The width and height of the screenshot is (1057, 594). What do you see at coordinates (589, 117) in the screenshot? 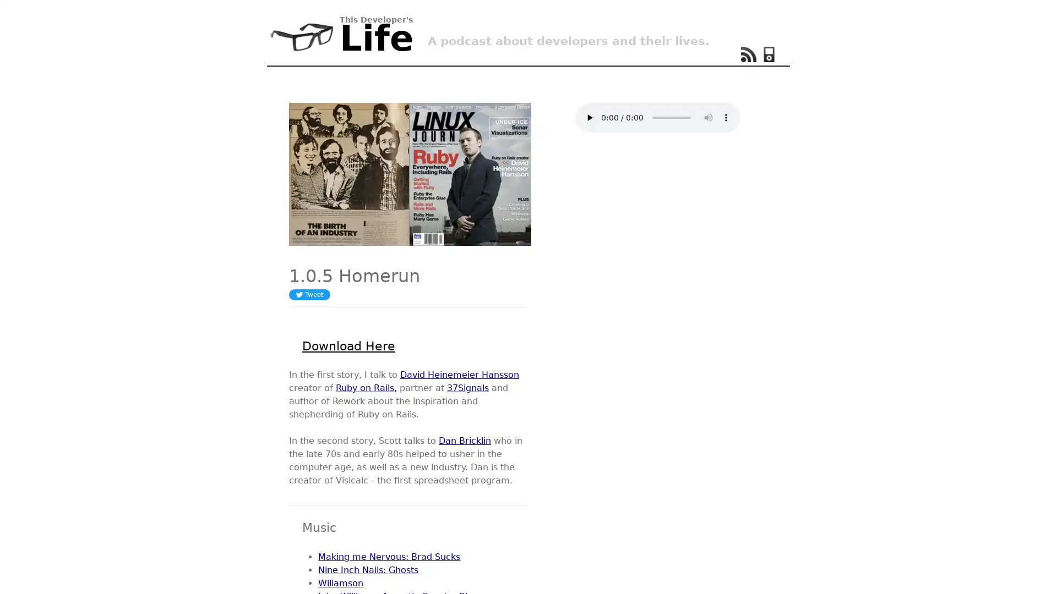
I see `play` at bounding box center [589, 117].